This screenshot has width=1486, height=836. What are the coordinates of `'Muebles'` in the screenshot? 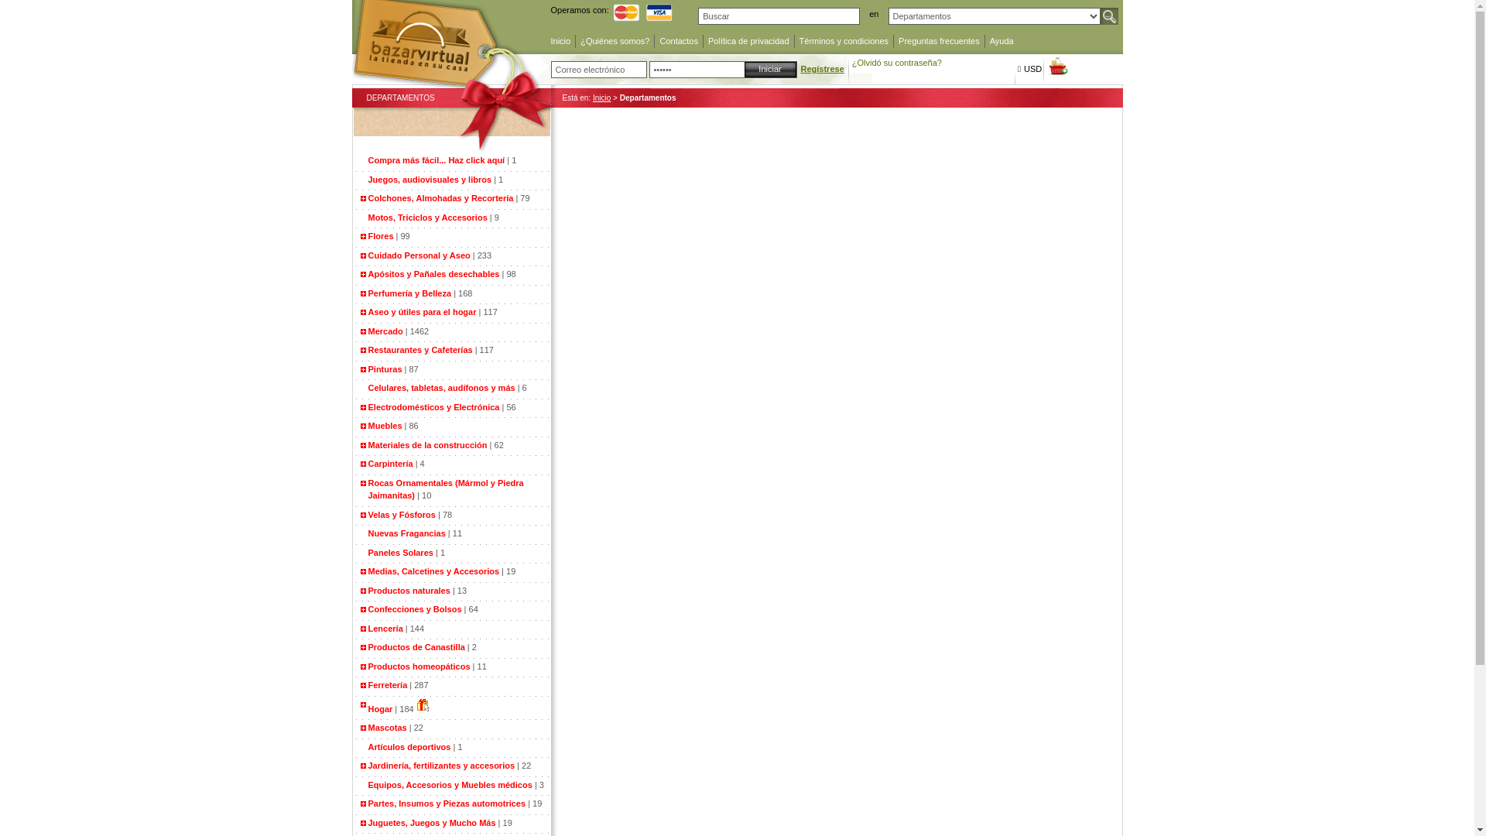 It's located at (367, 426).